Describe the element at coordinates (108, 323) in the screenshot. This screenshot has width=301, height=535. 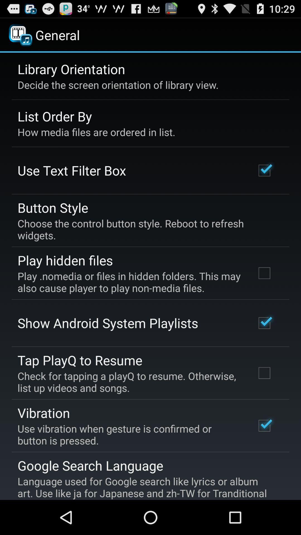
I see `app below play nomedia or` at that location.